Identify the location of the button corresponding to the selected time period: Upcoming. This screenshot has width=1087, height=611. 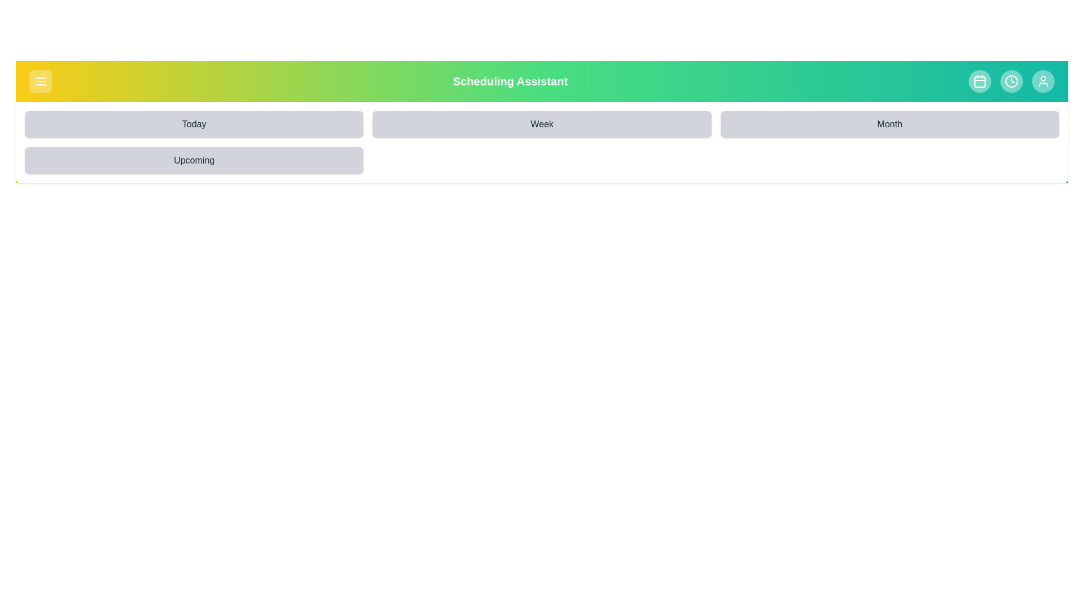
(194, 161).